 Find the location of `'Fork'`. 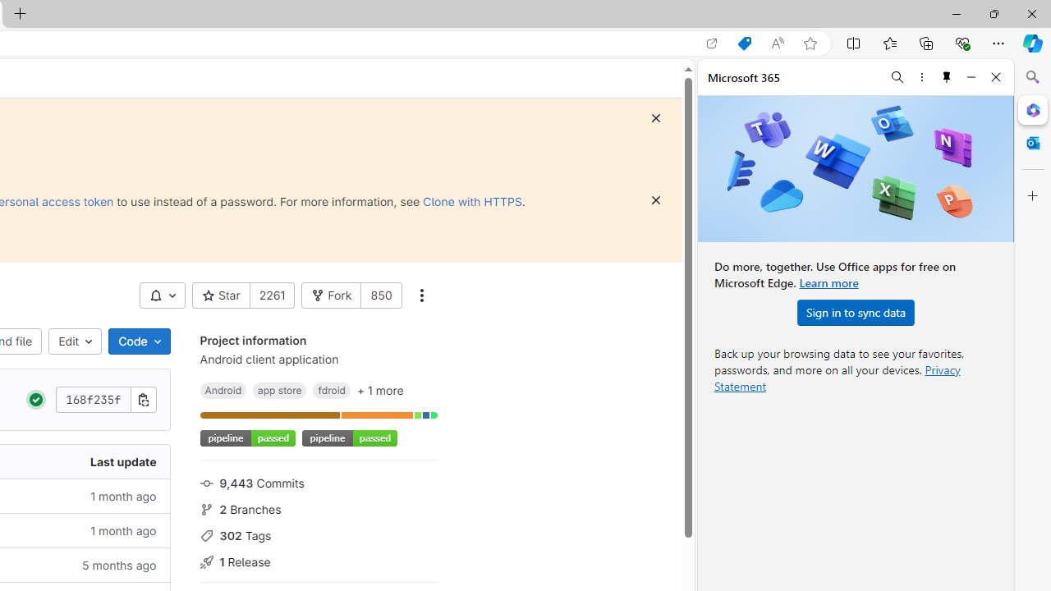

'Fork' is located at coordinates (331, 295).